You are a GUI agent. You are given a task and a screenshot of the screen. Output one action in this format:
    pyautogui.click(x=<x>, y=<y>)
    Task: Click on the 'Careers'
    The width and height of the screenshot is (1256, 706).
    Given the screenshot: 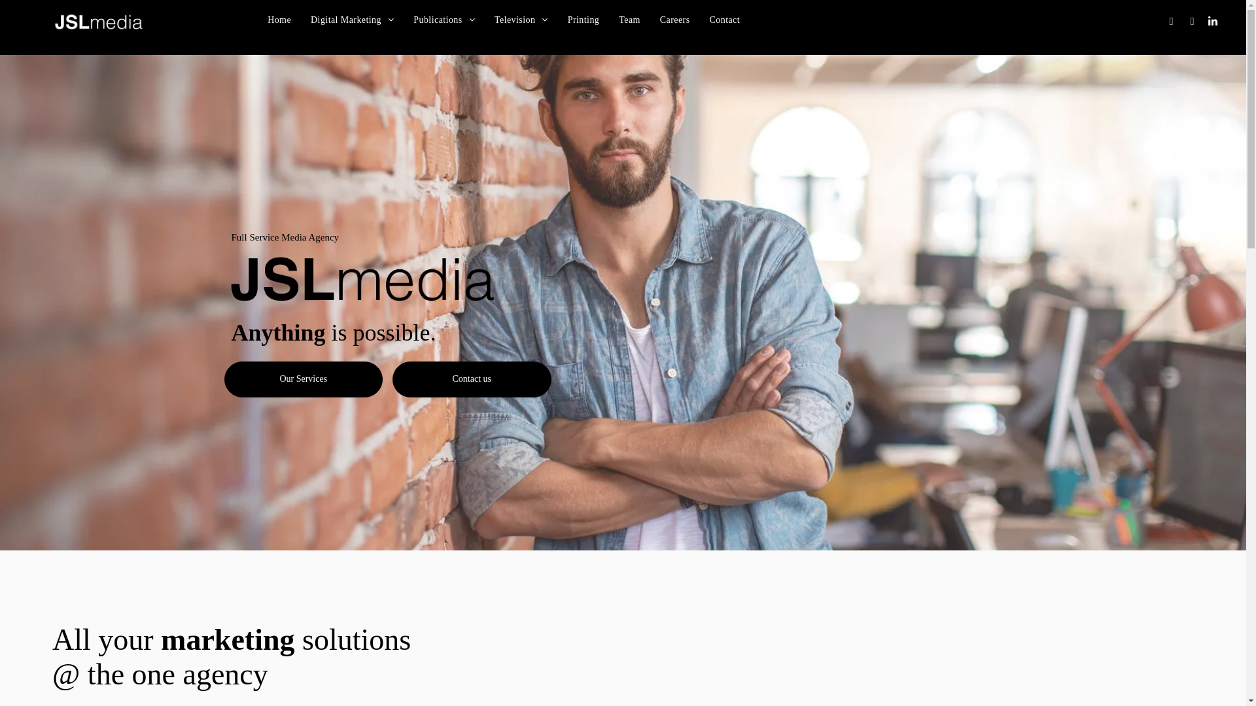 What is the action you would take?
    pyautogui.click(x=675, y=20)
    